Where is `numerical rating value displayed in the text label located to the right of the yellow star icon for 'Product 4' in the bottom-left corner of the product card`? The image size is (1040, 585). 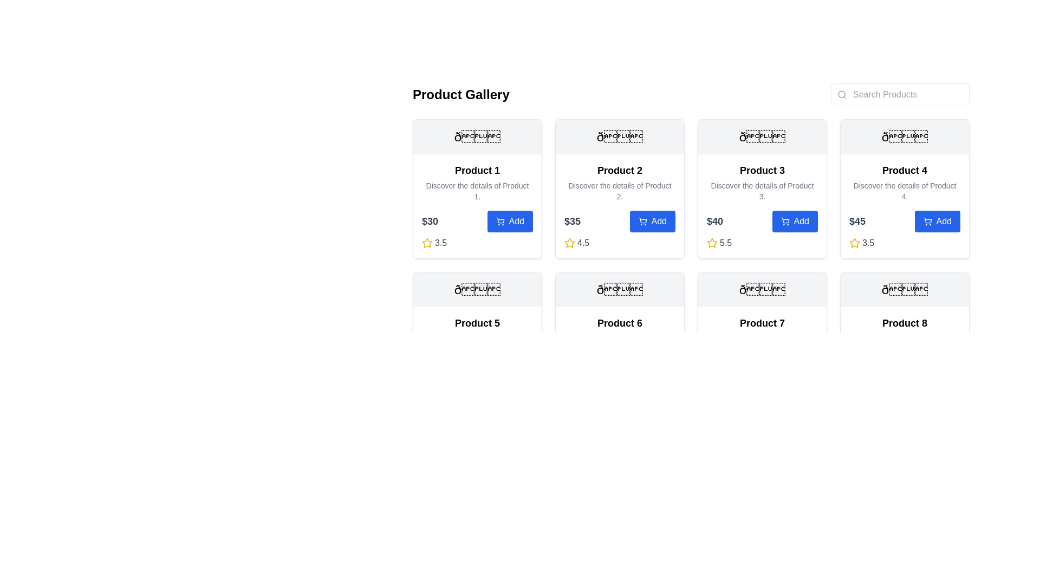
numerical rating value displayed in the text label located to the right of the yellow star icon for 'Product 4' in the bottom-left corner of the product card is located at coordinates (868, 242).